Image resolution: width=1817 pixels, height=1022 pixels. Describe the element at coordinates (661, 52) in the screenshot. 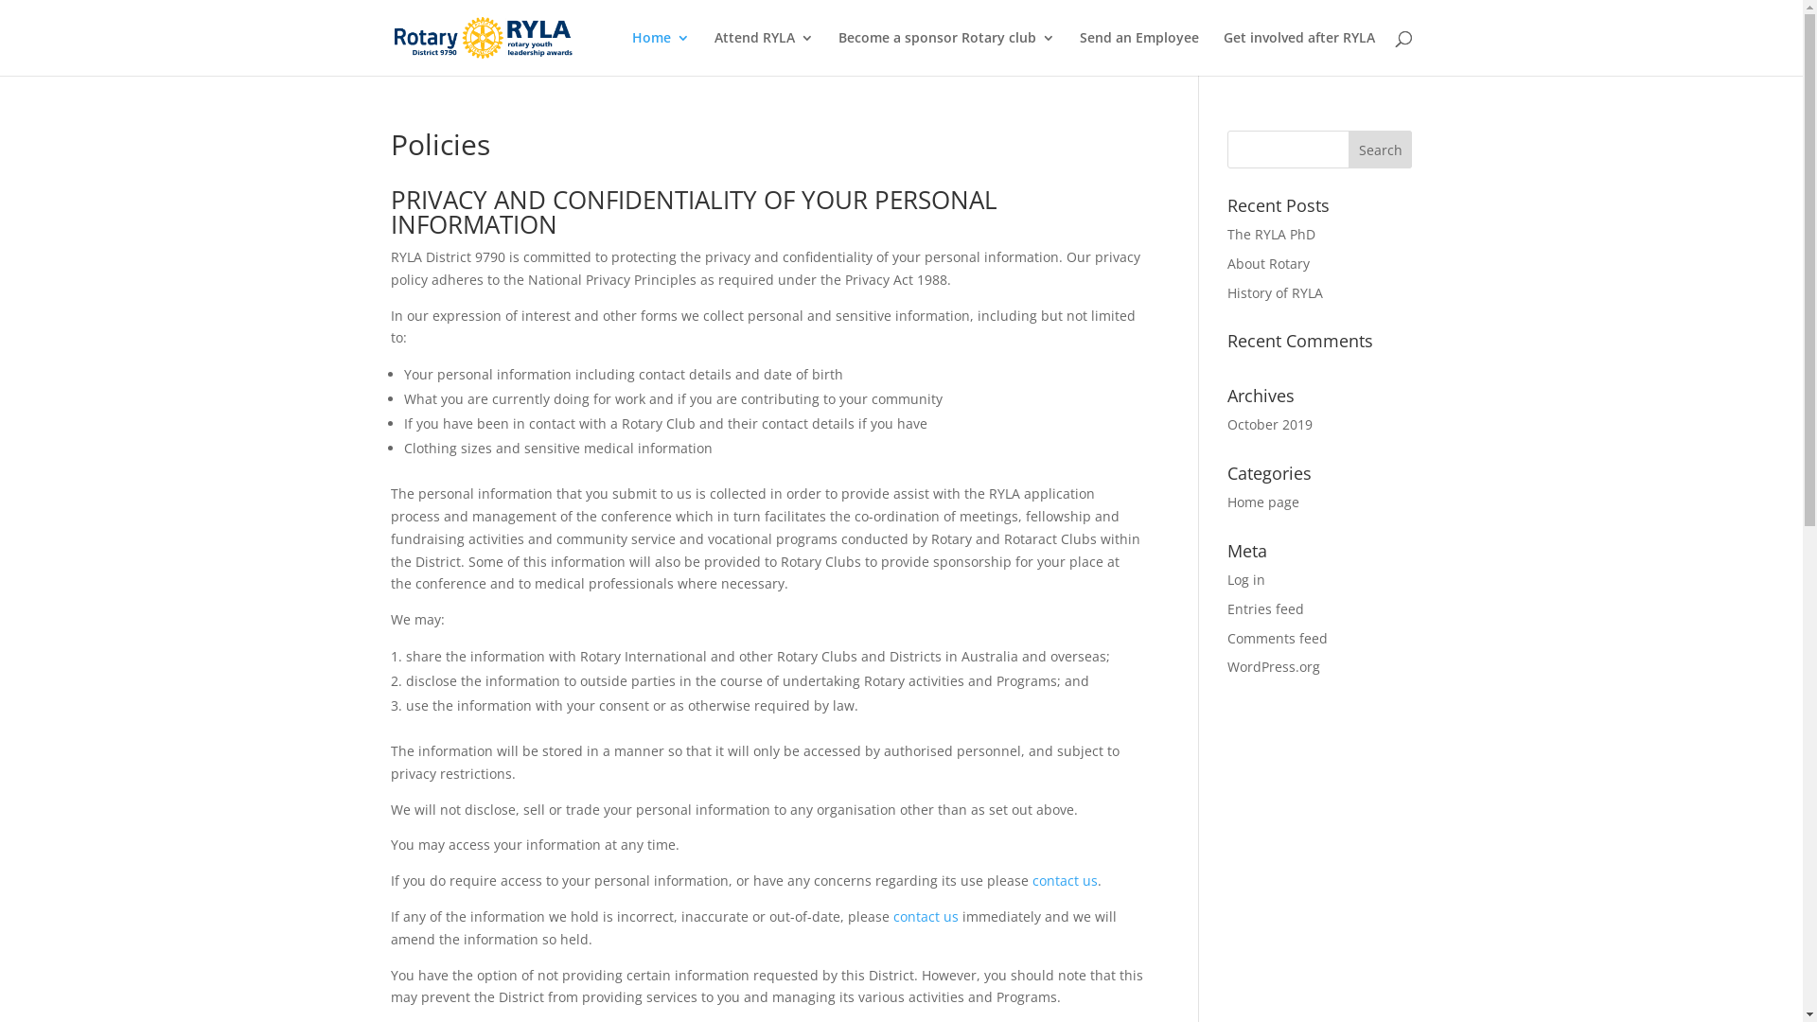

I see `'Home'` at that location.